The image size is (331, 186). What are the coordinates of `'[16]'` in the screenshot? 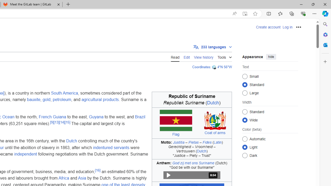 It's located at (98, 170).